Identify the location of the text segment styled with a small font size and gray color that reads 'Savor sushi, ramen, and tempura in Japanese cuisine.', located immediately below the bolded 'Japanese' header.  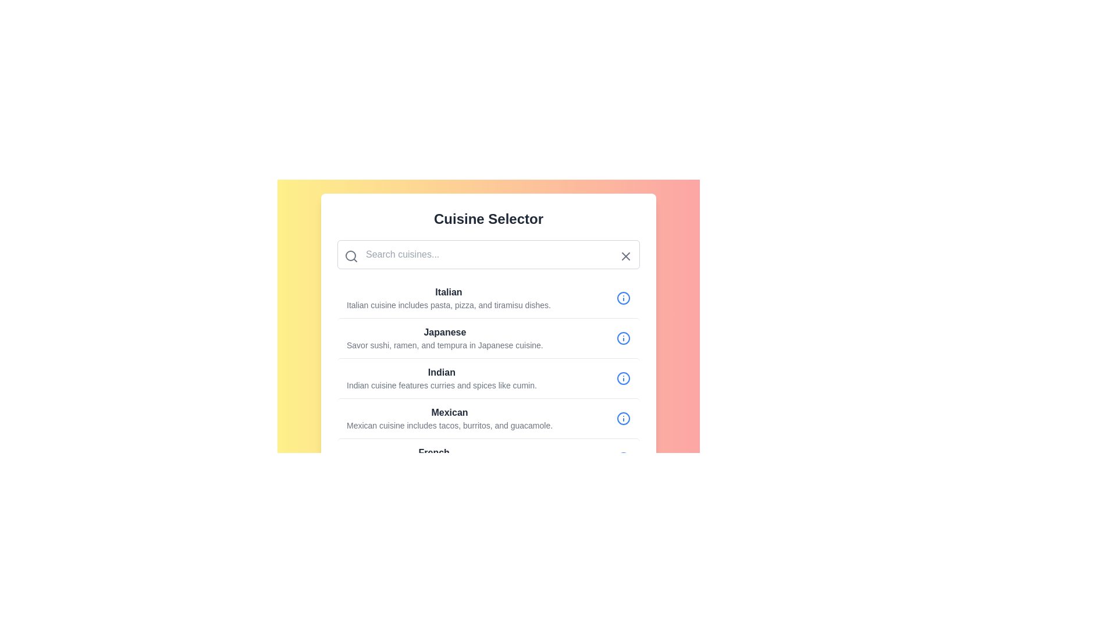
(444, 345).